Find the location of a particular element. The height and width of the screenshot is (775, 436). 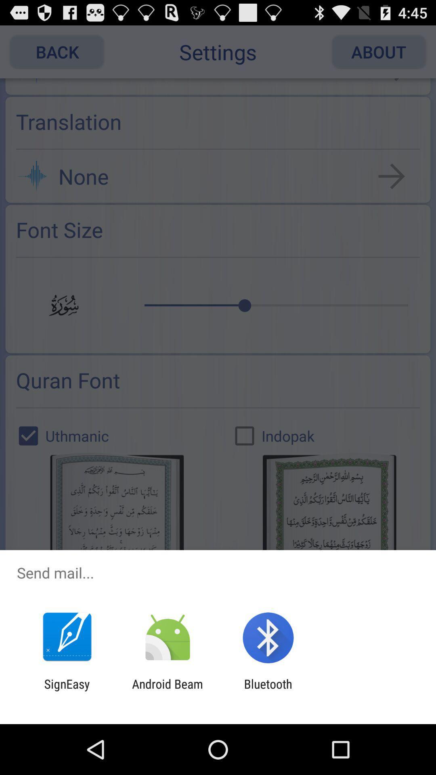

icon next to the signeasy app is located at coordinates (167, 691).